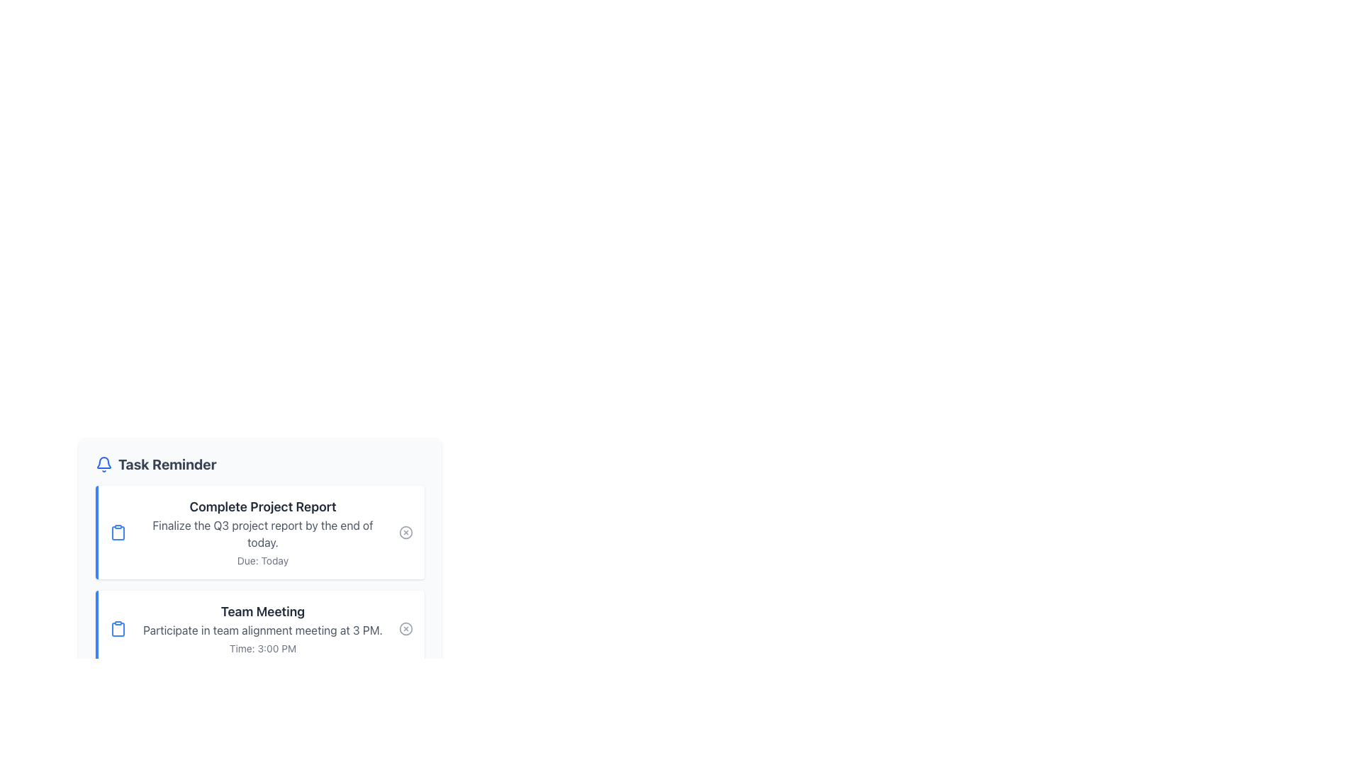 This screenshot has width=1361, height=765. I want to click on the first task card in the 'Task Reminder' section that reminds the user, so click(262, 533).